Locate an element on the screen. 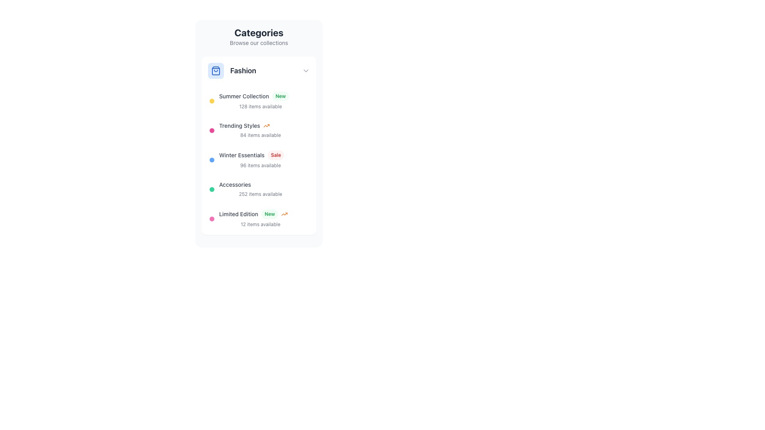  the 'New' badge-like label with a light green background that is located in the 'Limited Edition' section under the 'Fashion' heading is located at coordinates (270, 213).